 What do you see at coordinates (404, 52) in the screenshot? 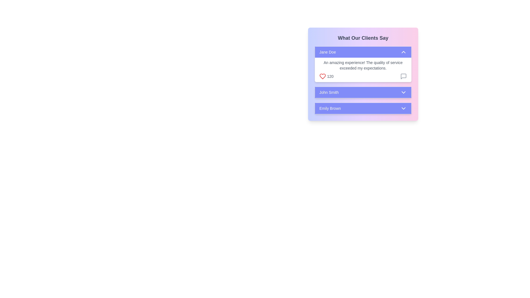
I see `the Icon button located in the top panel of the 'What Our Clients Say' section, next to 'Jane Doe', to interact via keyboard` at bounding box center [404, 52].